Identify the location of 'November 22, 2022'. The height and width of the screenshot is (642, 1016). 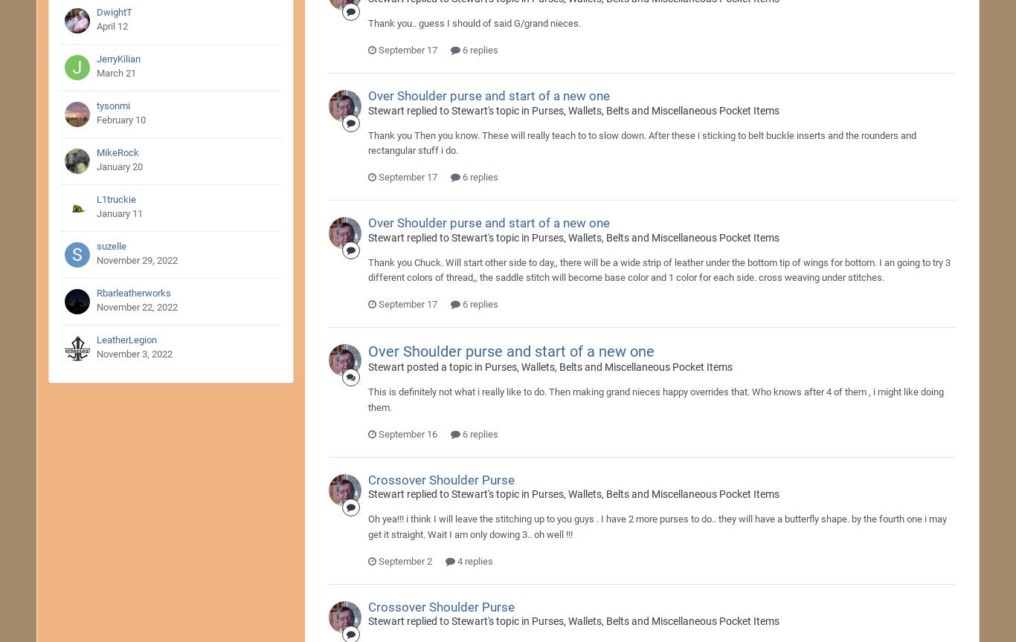
(96, 306).